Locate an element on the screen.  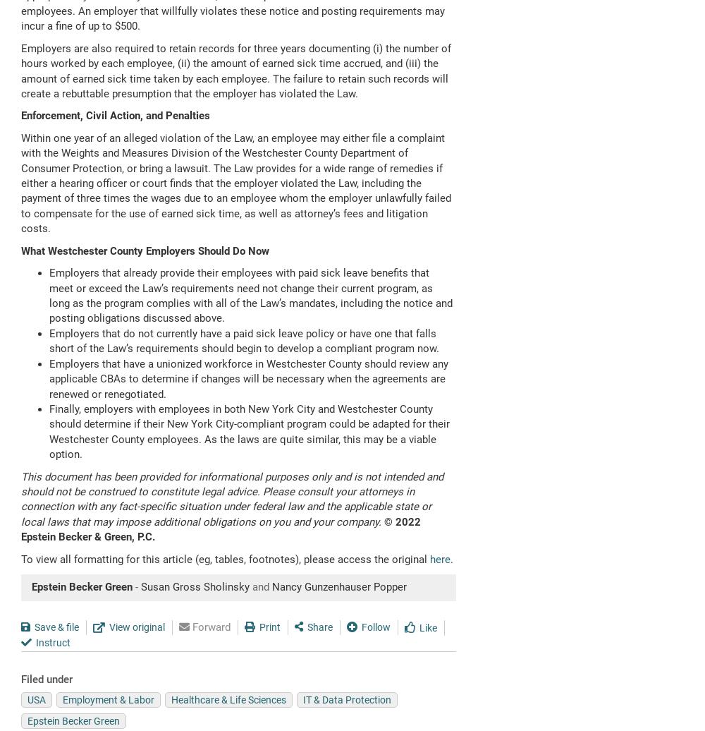
'View original' is located at coordinates (136, 626).